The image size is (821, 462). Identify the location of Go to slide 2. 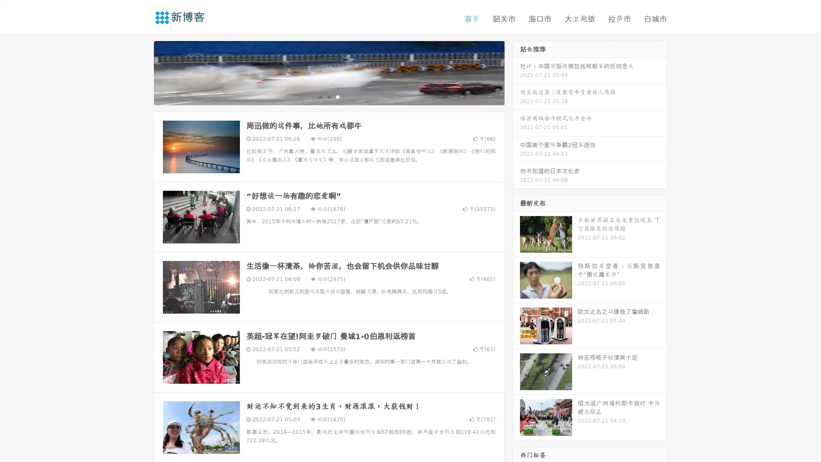
(328, 96).